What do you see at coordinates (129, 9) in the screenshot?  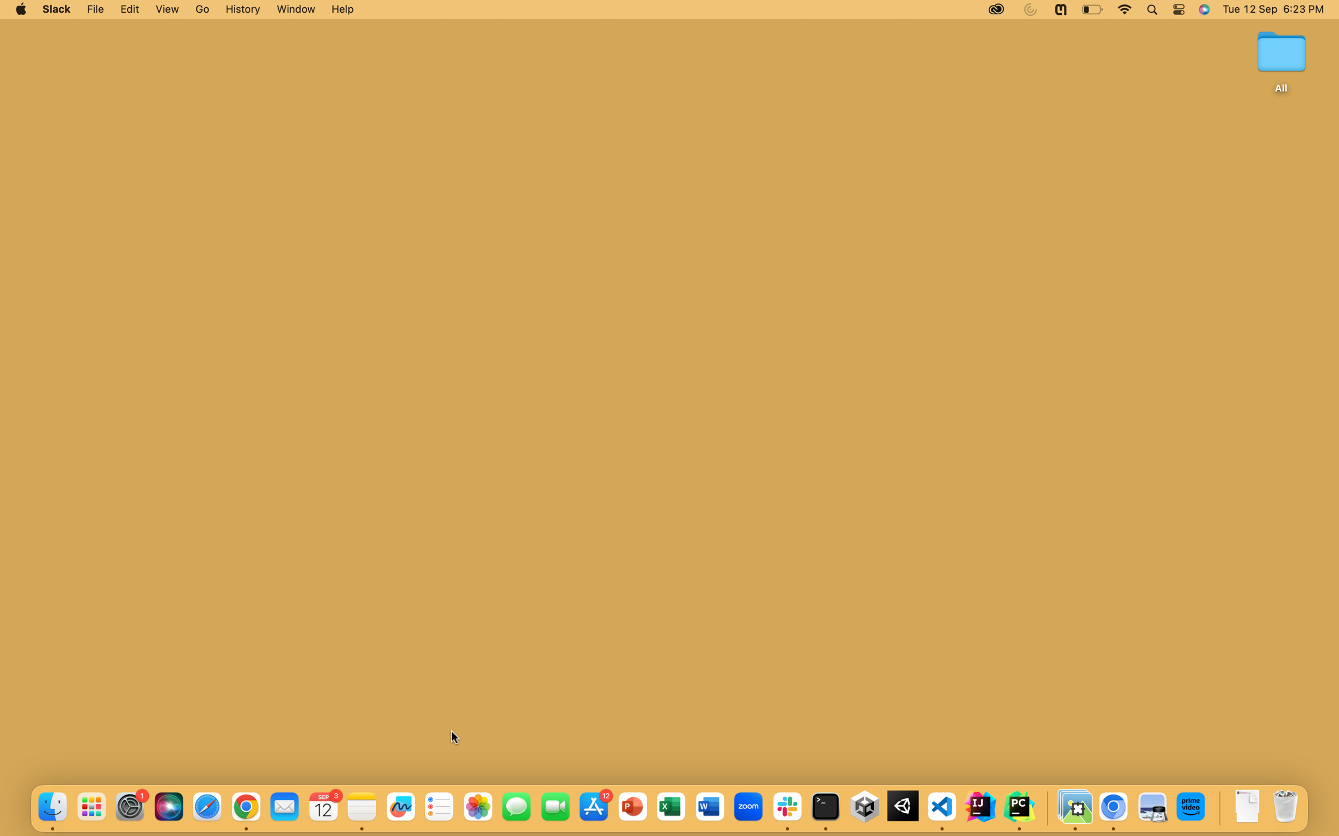 I see `the Edit Options button` at bounding box center [129, 9].